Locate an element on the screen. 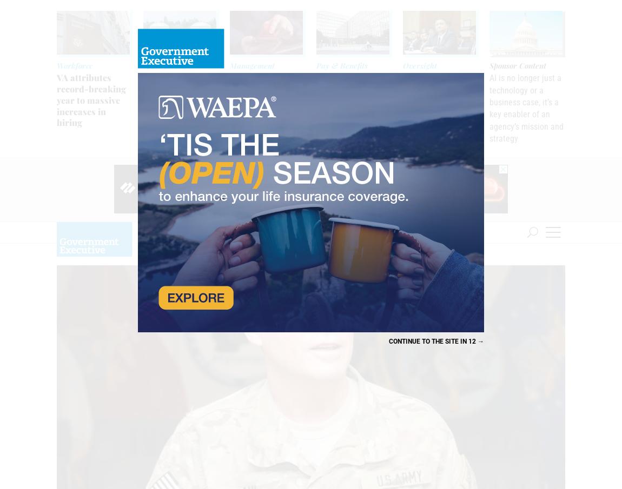 This screenshot has height=489, width=622. 'Pay & Benefits' is located at coordinates (341, 65).